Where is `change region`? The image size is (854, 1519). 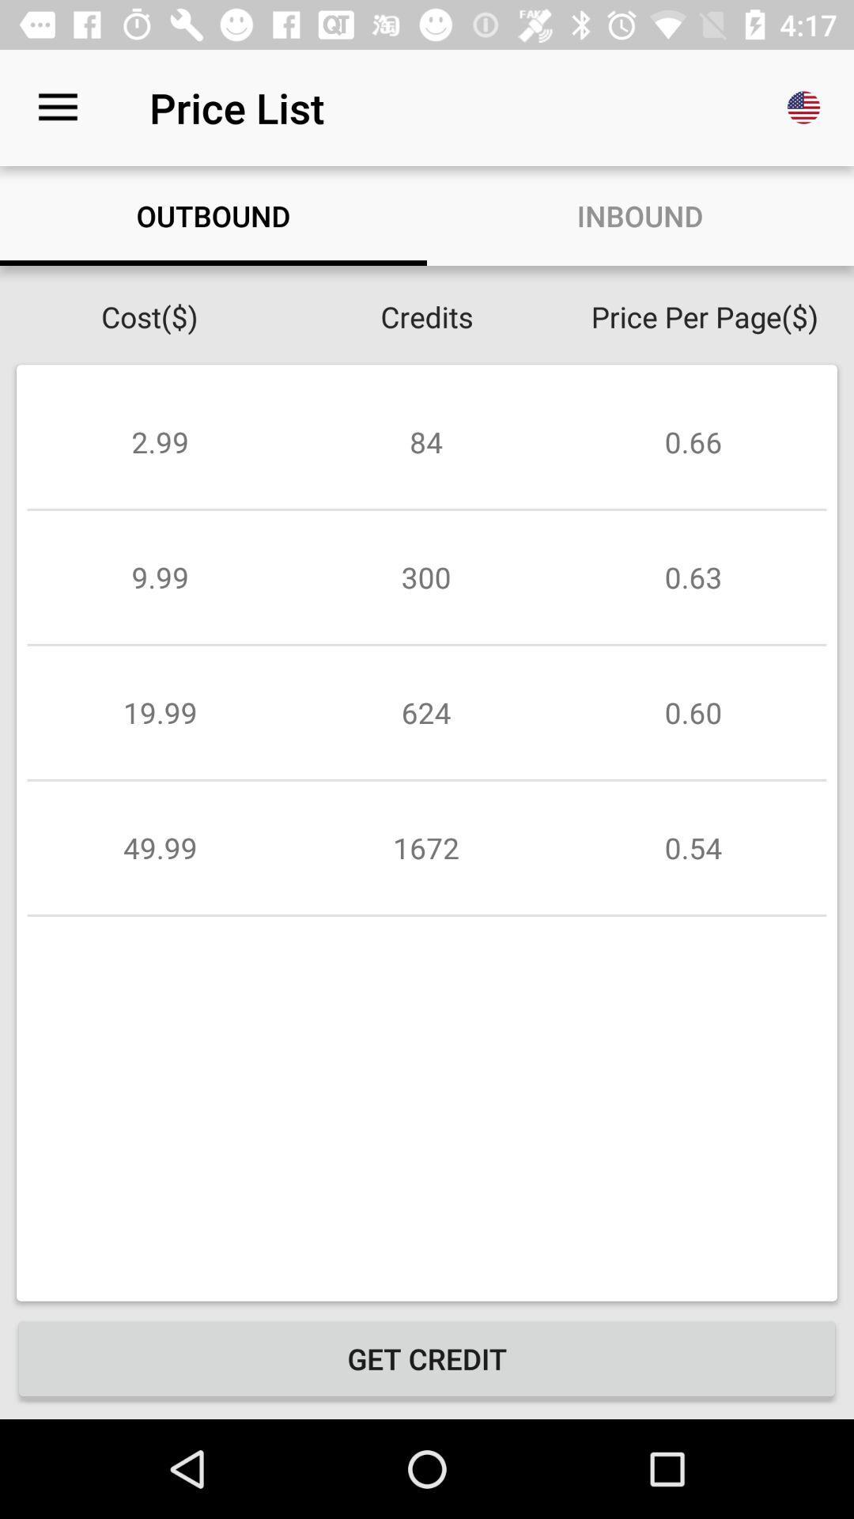 change region is located at coordinates (804, 107).